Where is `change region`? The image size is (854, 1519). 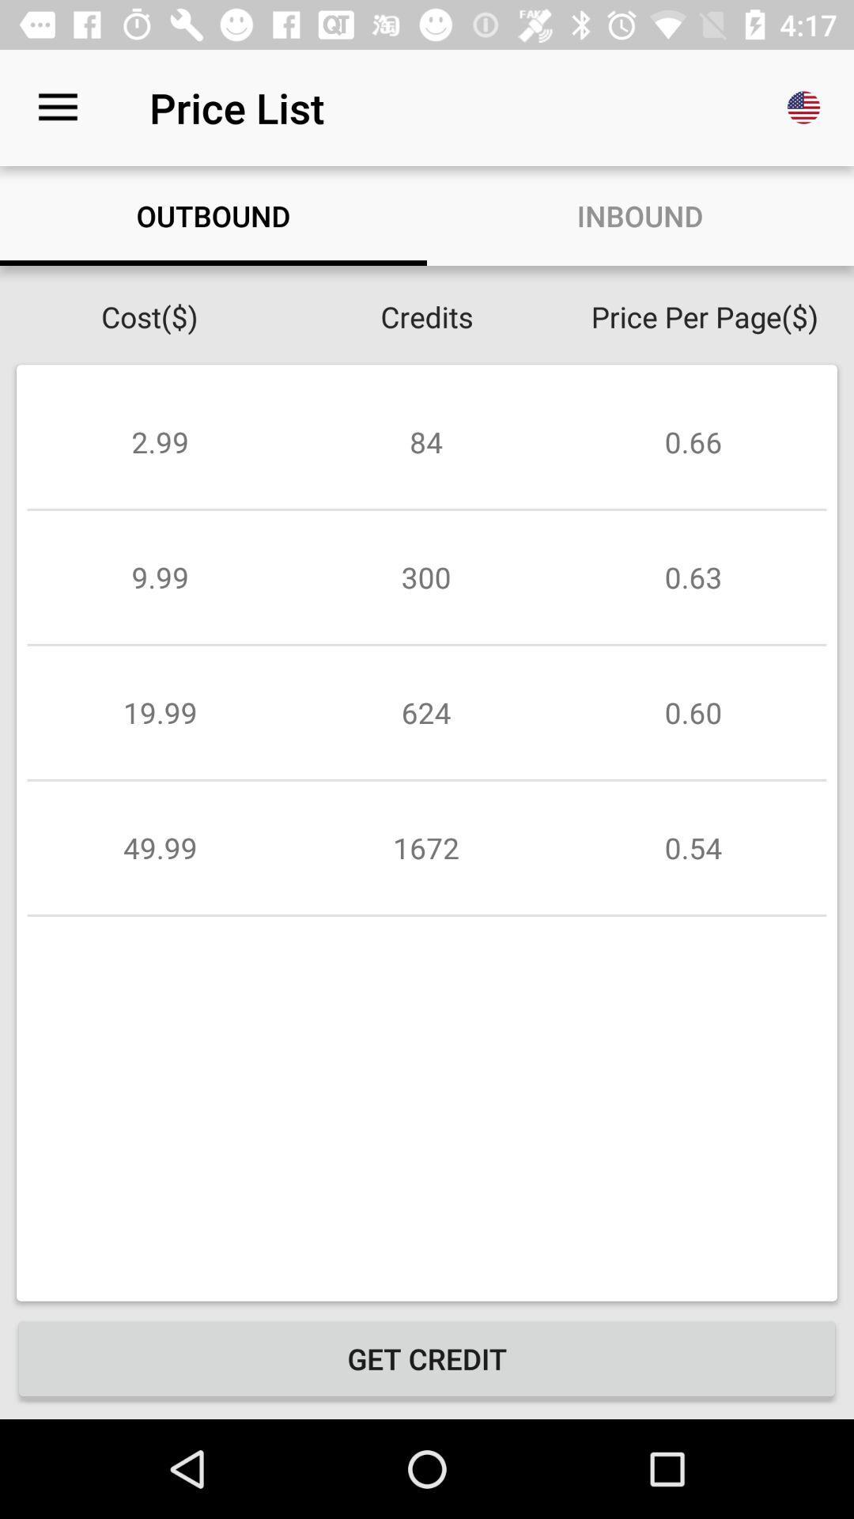 change region is located at coordinates (804, 107).